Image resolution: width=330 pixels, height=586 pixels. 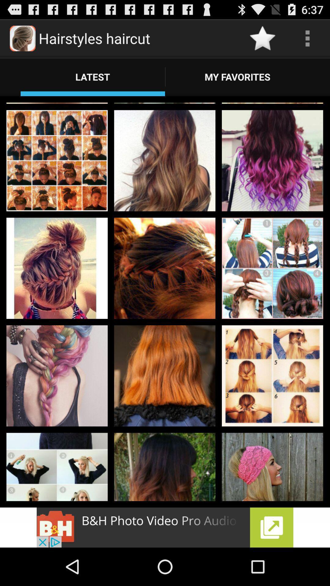 I want to click on for setting, so click(x=307, y=38).